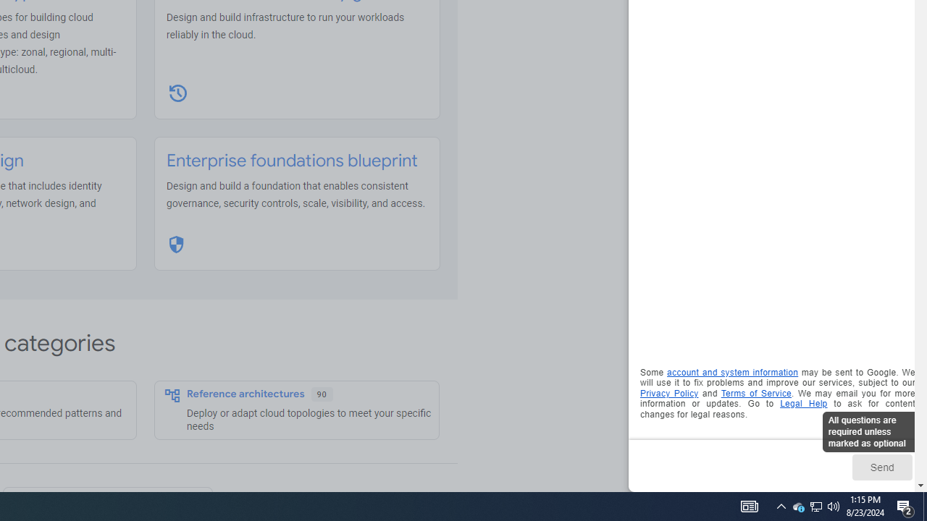  I want to click on 'Opens in a new tab. Terms of Service', so click(755, 393).